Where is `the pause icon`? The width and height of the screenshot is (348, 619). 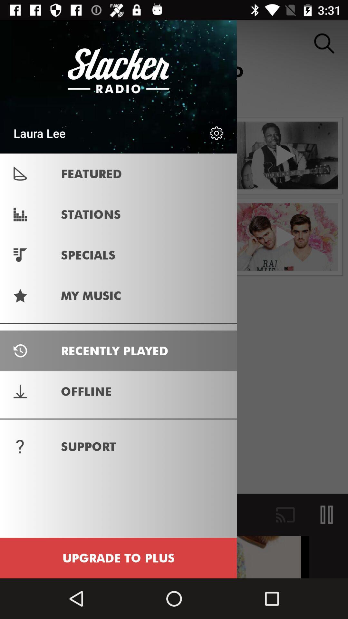
the pause icon is located at coordinates (327, 515).